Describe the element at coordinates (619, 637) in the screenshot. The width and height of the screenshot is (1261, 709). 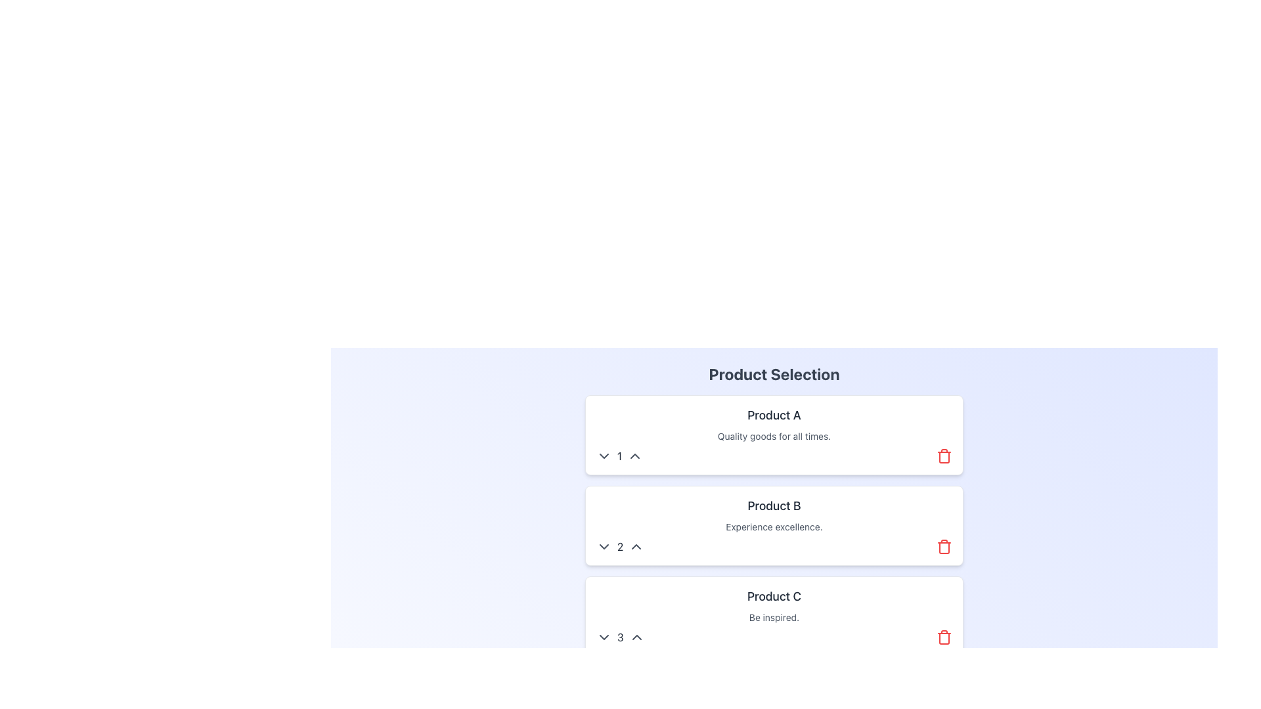
I see `the static numeral '3' displayed in gray font color located in the lower-left corner of the 'Product C' card, positioned between the up and down navigation arrows` at that location.